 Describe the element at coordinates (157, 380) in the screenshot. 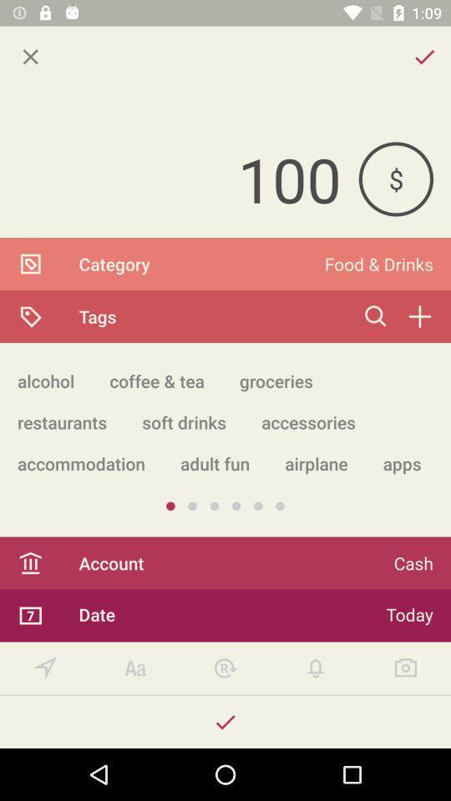

I see `the coffee & tea app` at that location.